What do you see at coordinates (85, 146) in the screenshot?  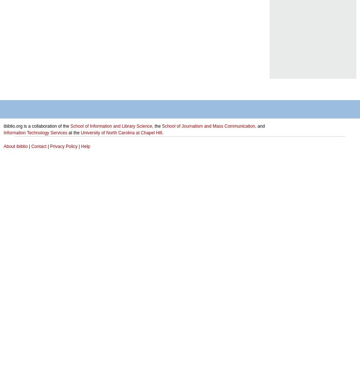 I see `'Help'` at bounding box center [85, 146].